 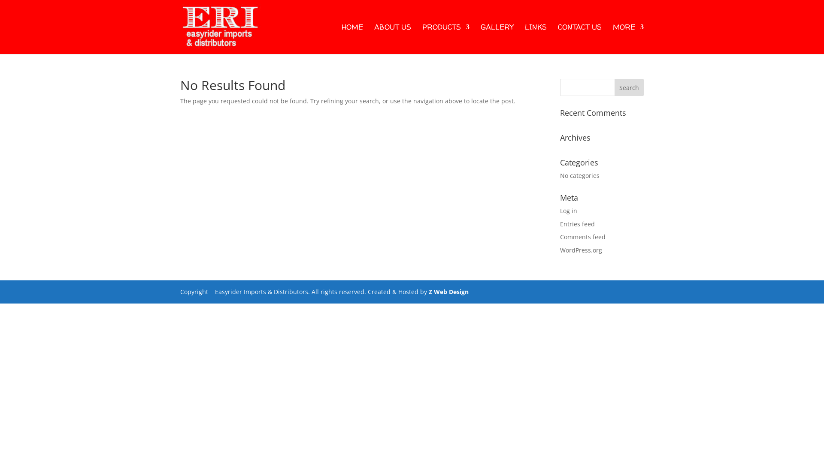 What do you see at coordinates (497, 39) in the screenshot?
I see `'GALLERY'` at bounding box center [497, 39].